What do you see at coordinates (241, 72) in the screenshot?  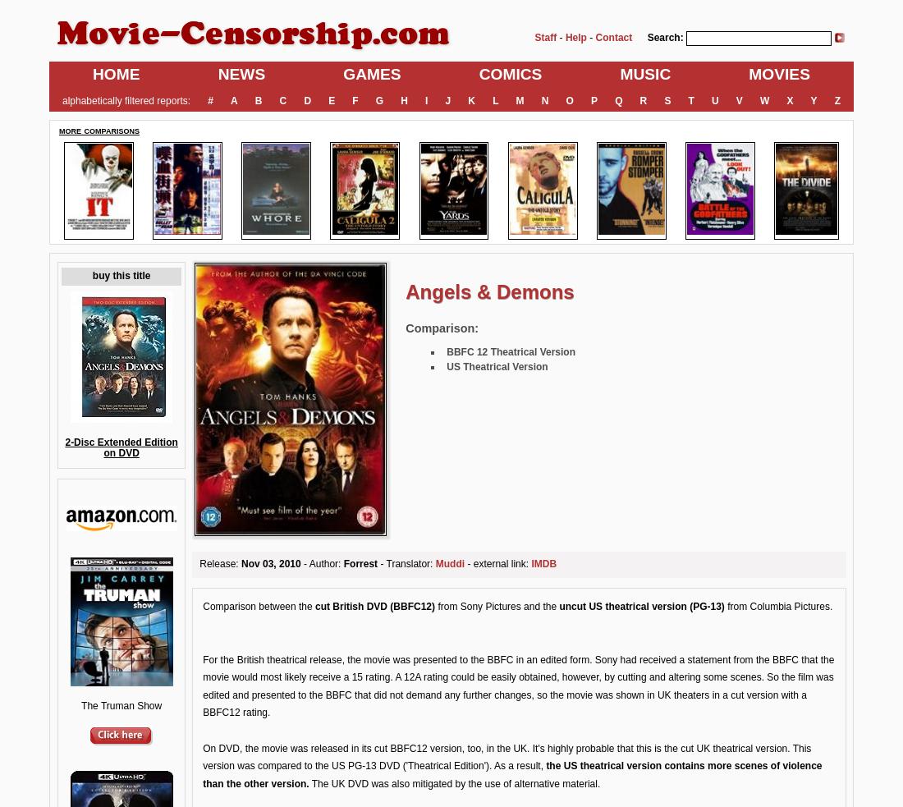 I see `'NEWS'` at bounding box center [241, 72].